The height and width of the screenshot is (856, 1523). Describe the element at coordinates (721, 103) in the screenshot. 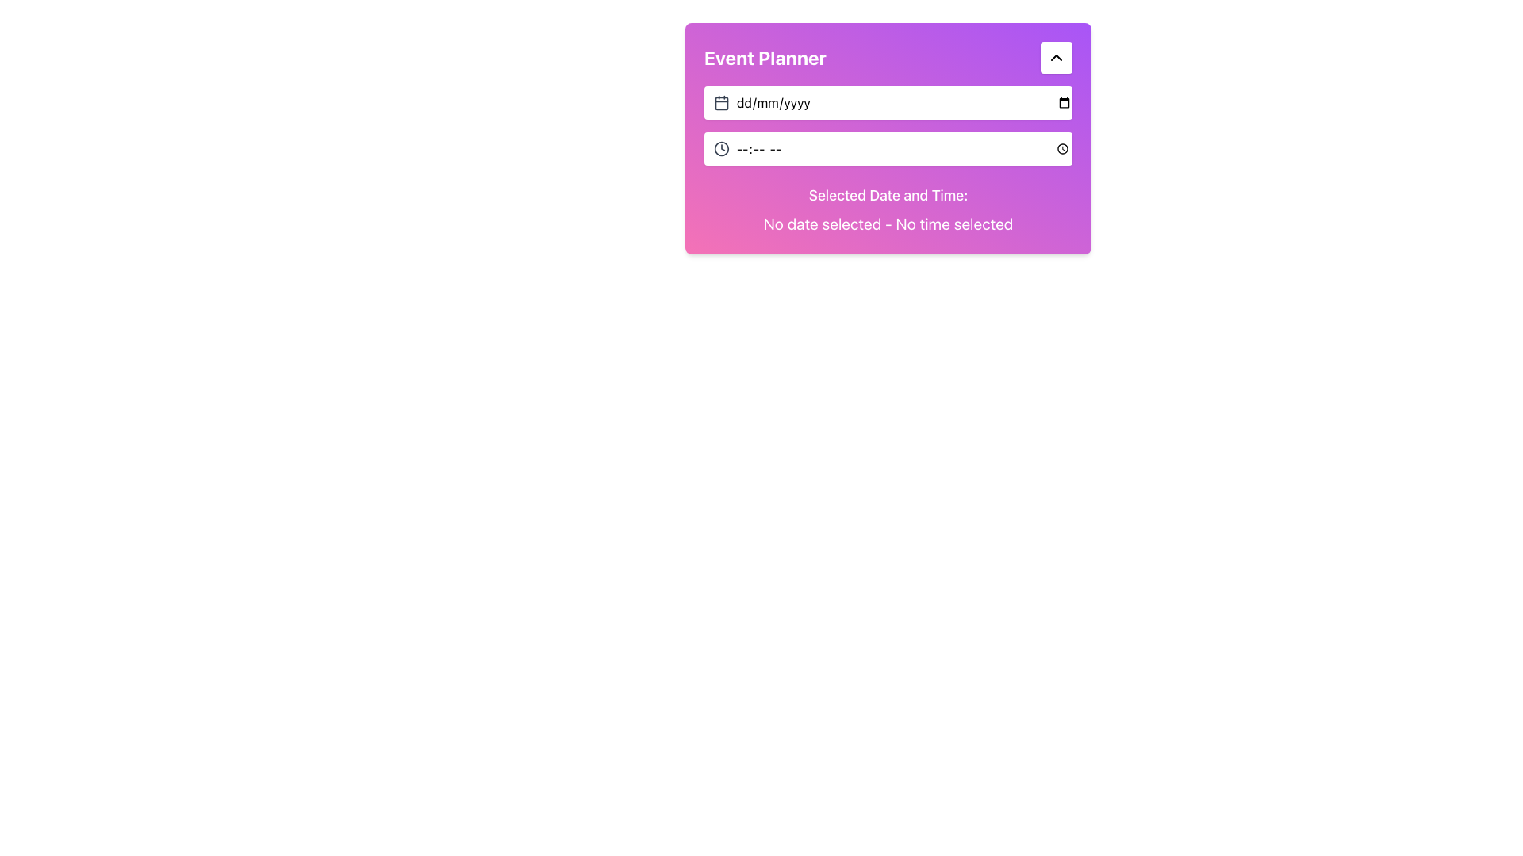

I see `the calendar icon located to the left of the 'dd/mm/yyyy' text input field` at that location.